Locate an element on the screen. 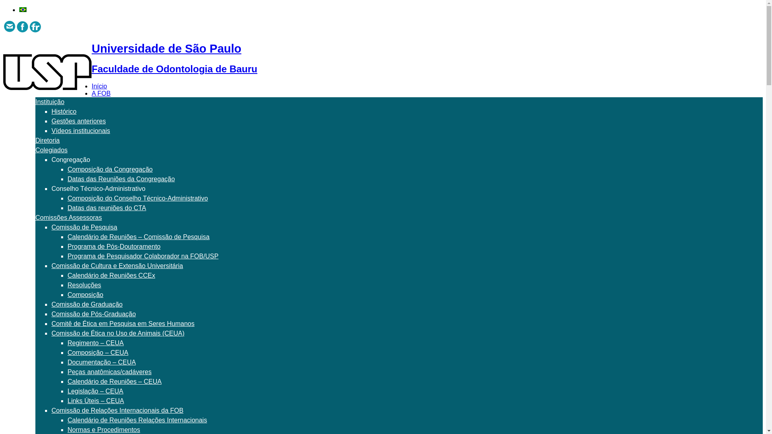 The image size is (772, 434). 'Flickr' is located at coordinates (35, 26).